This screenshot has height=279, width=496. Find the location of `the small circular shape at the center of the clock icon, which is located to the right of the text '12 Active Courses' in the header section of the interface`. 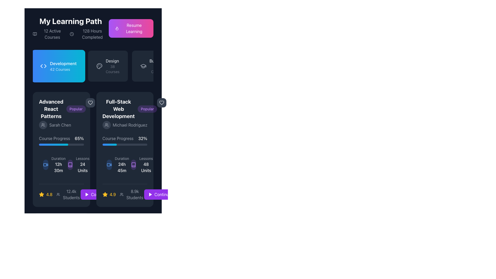

the small circular shape at the center of the clock icon, which is located to the right of the text '12 Active Courses' in the header section of the interface is located at coordinates (72, 34).